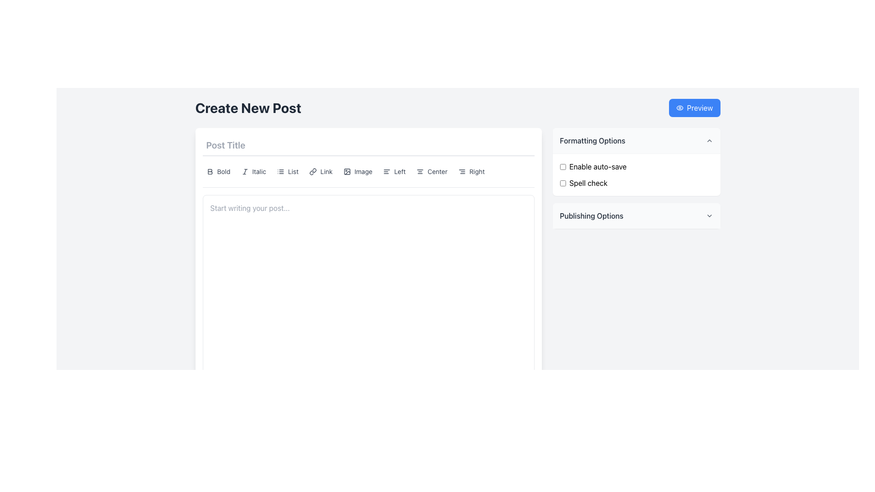  What do you see at coordinates (218, 172) in the screenshot?
I see `the bold styling button located directly below the 'Post Title' heading in the 'Create New Post' interface` at bounding box center [218, 172].